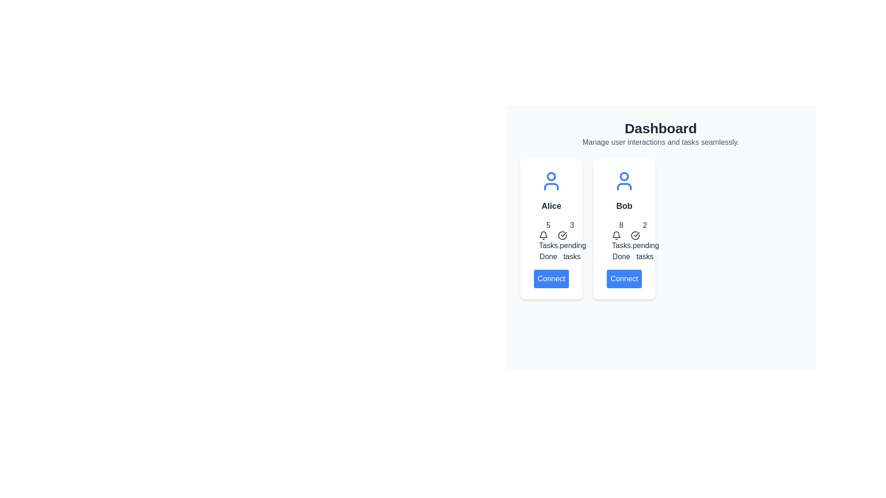  I want to click on the decorative icon component (circle within user icon) that represents a user profile, centrally positioned within the head of the user icon in the first card of the dashboard, so click(551, 176).